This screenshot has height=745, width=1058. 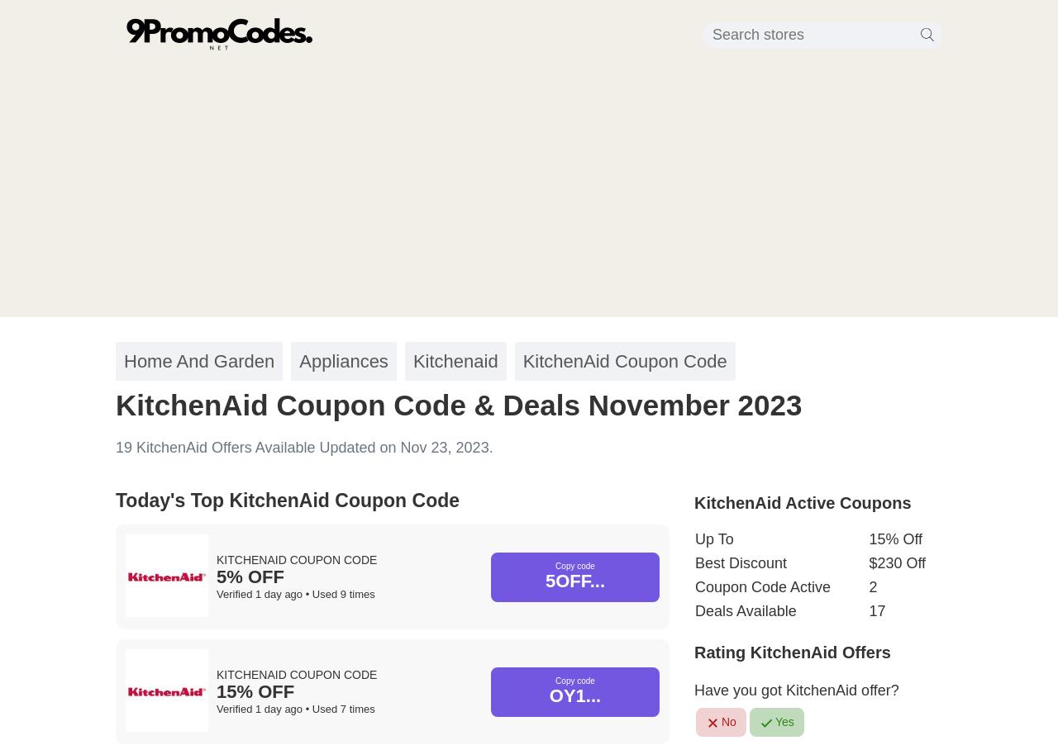 I want to click on 'Coupon Code Active', so click(x=762, y=586).